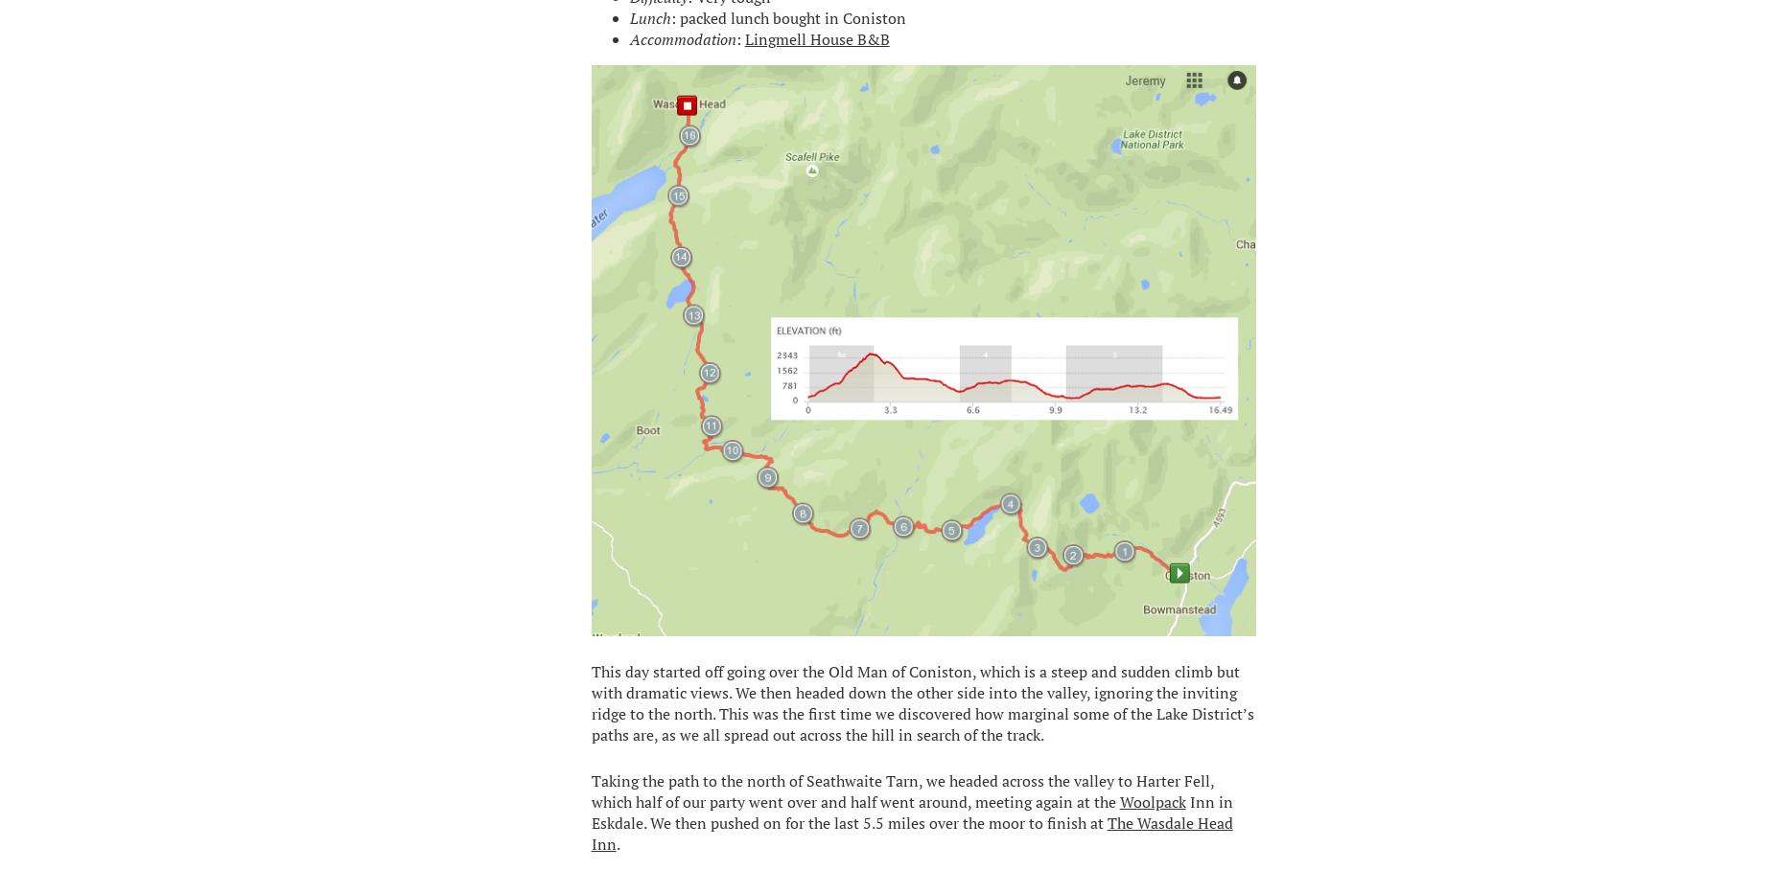  I want to click on 'Lingmell House B&B', so click(816, 37).